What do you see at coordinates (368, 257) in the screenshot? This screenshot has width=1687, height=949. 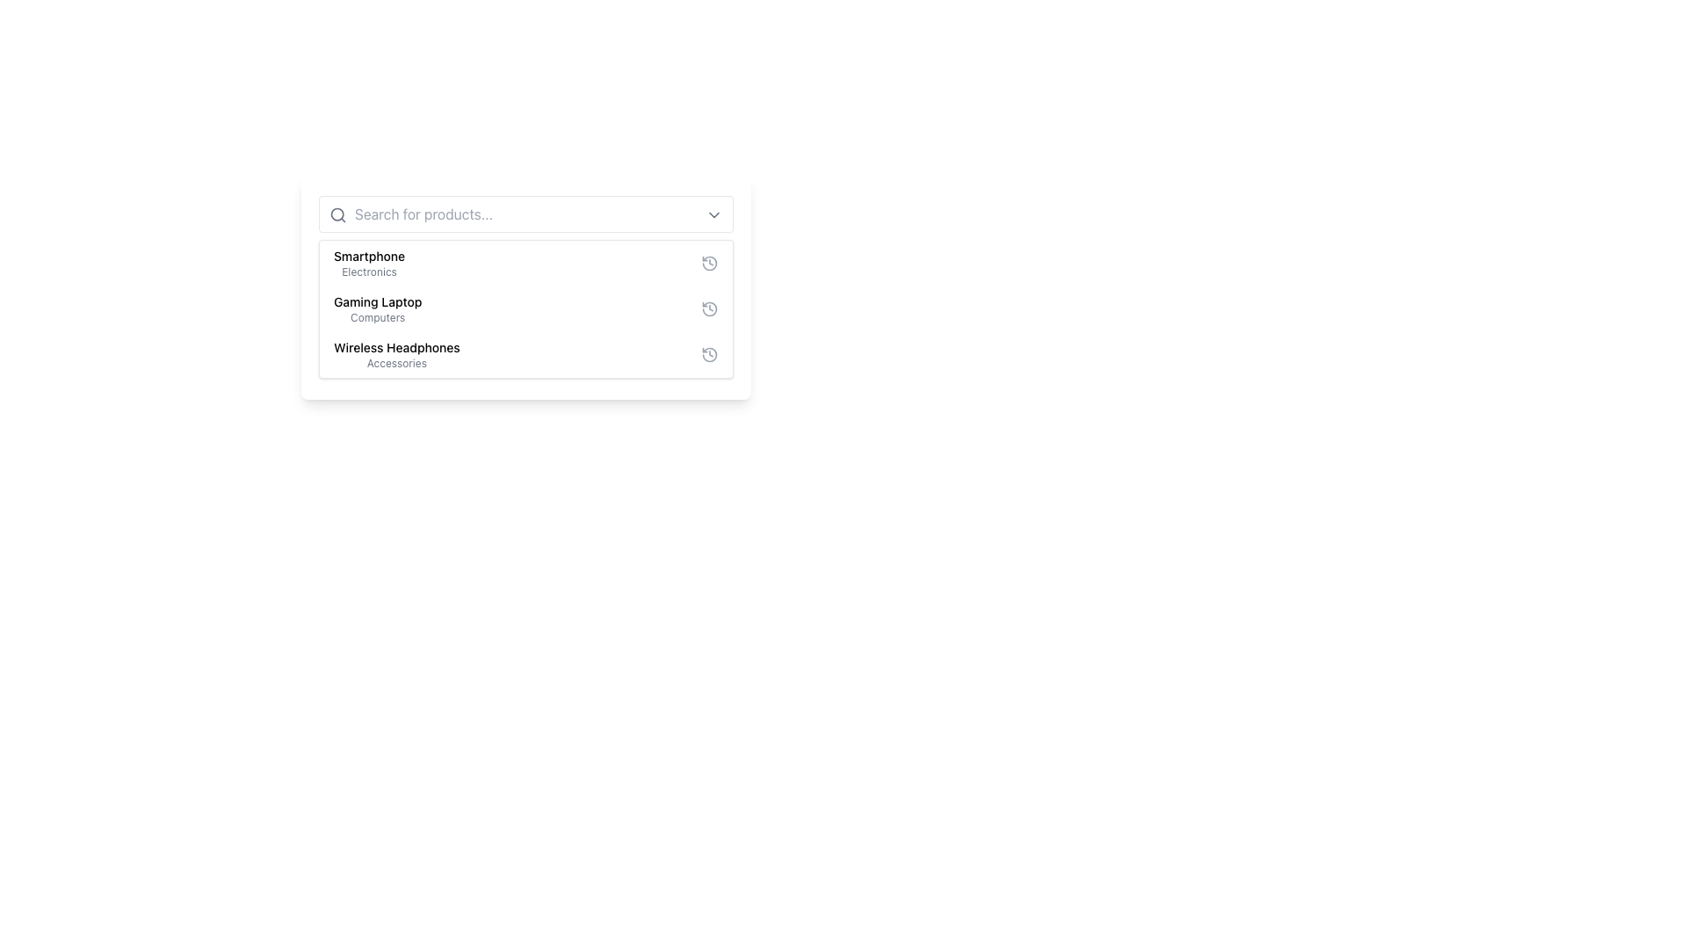 I see `the text label displaying 'Smartphone', which is the first item in the dropdown menu above the text 'Electronics'` at bounding box center [368, 257].